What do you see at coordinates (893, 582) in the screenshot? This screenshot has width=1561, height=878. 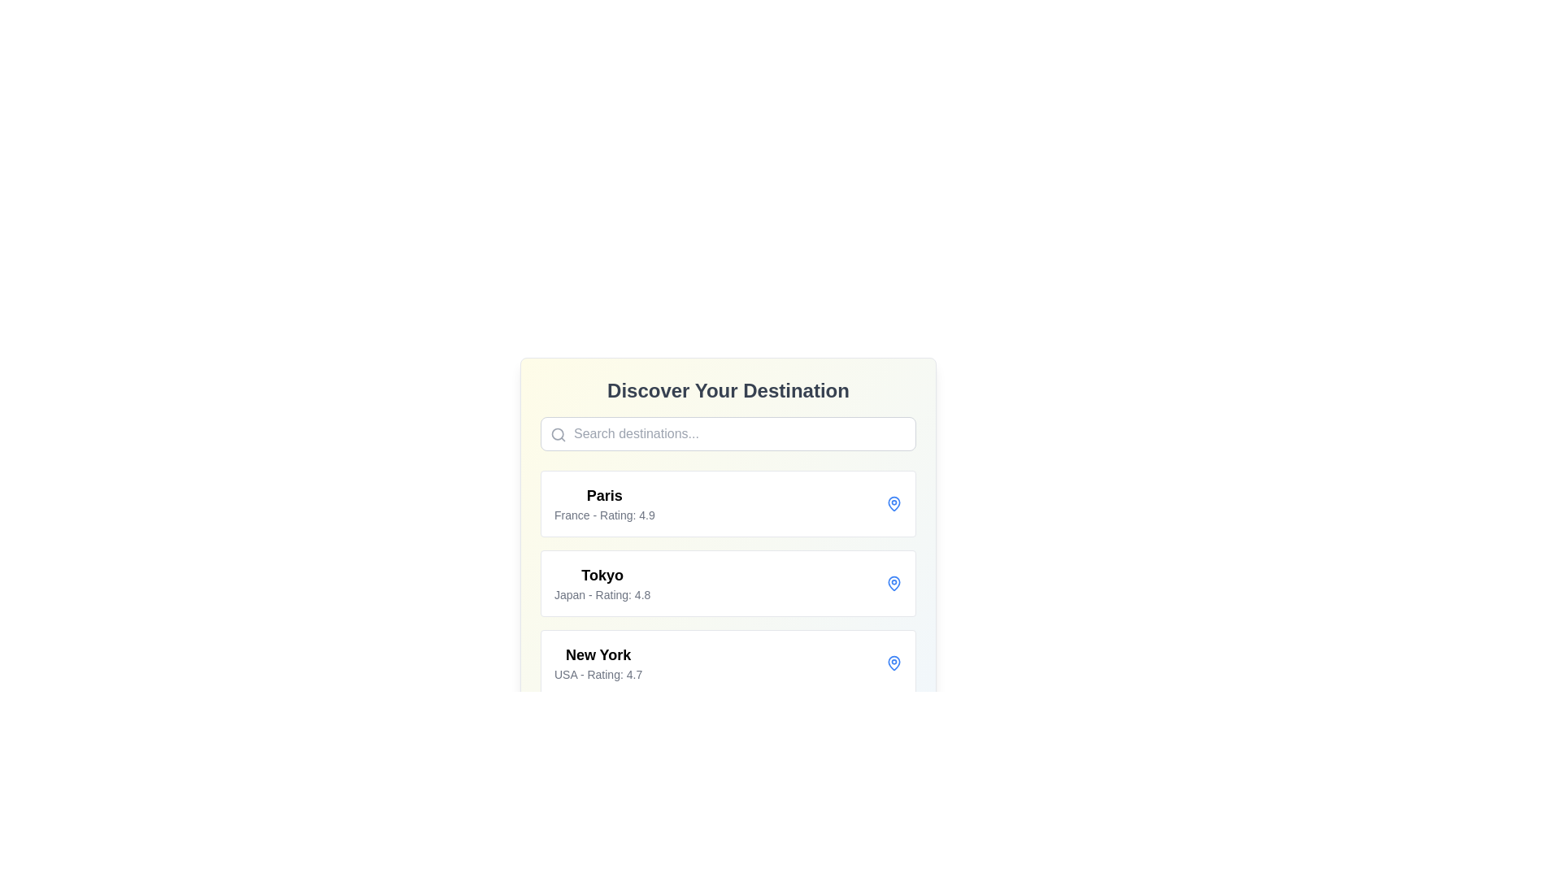 I see `the pin icon located at the rightmost position of the list item labeled 'Tokyo', which is positioned in the middle entry of the list` at bounding box center [893, 582].